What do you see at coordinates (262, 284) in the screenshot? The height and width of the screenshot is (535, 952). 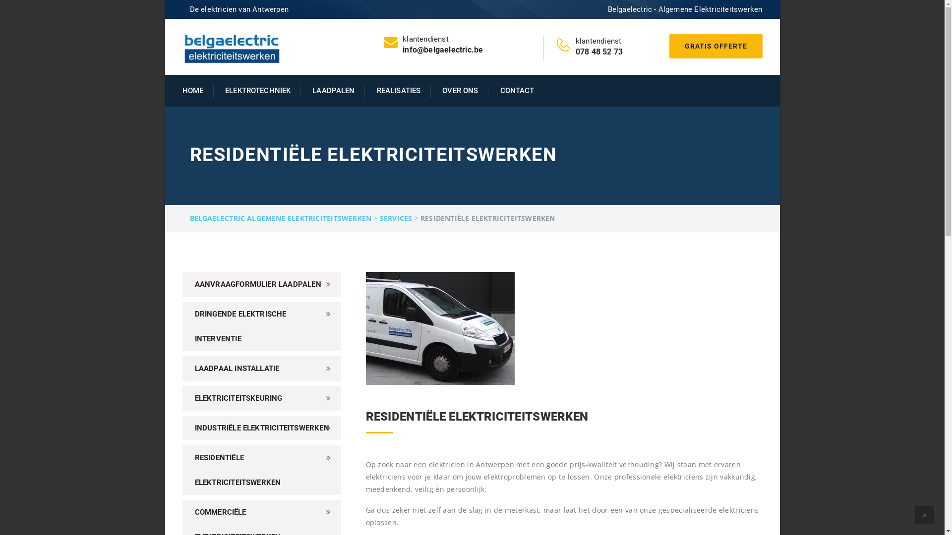 I see `'AANVRAAGFORMULIER LAADPALEN'` at bounding box center [262, 284].